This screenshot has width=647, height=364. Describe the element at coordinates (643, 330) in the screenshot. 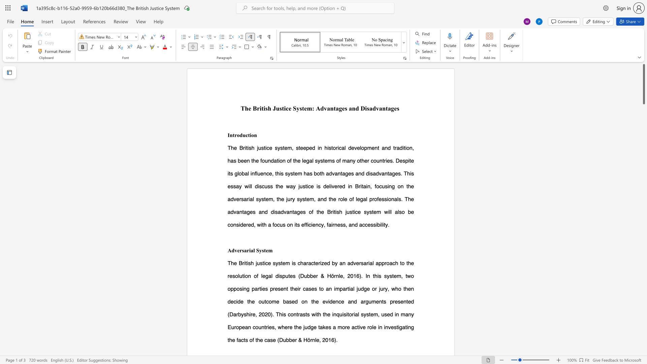

I see `the page's right scrollbar for downward movement` at that location.